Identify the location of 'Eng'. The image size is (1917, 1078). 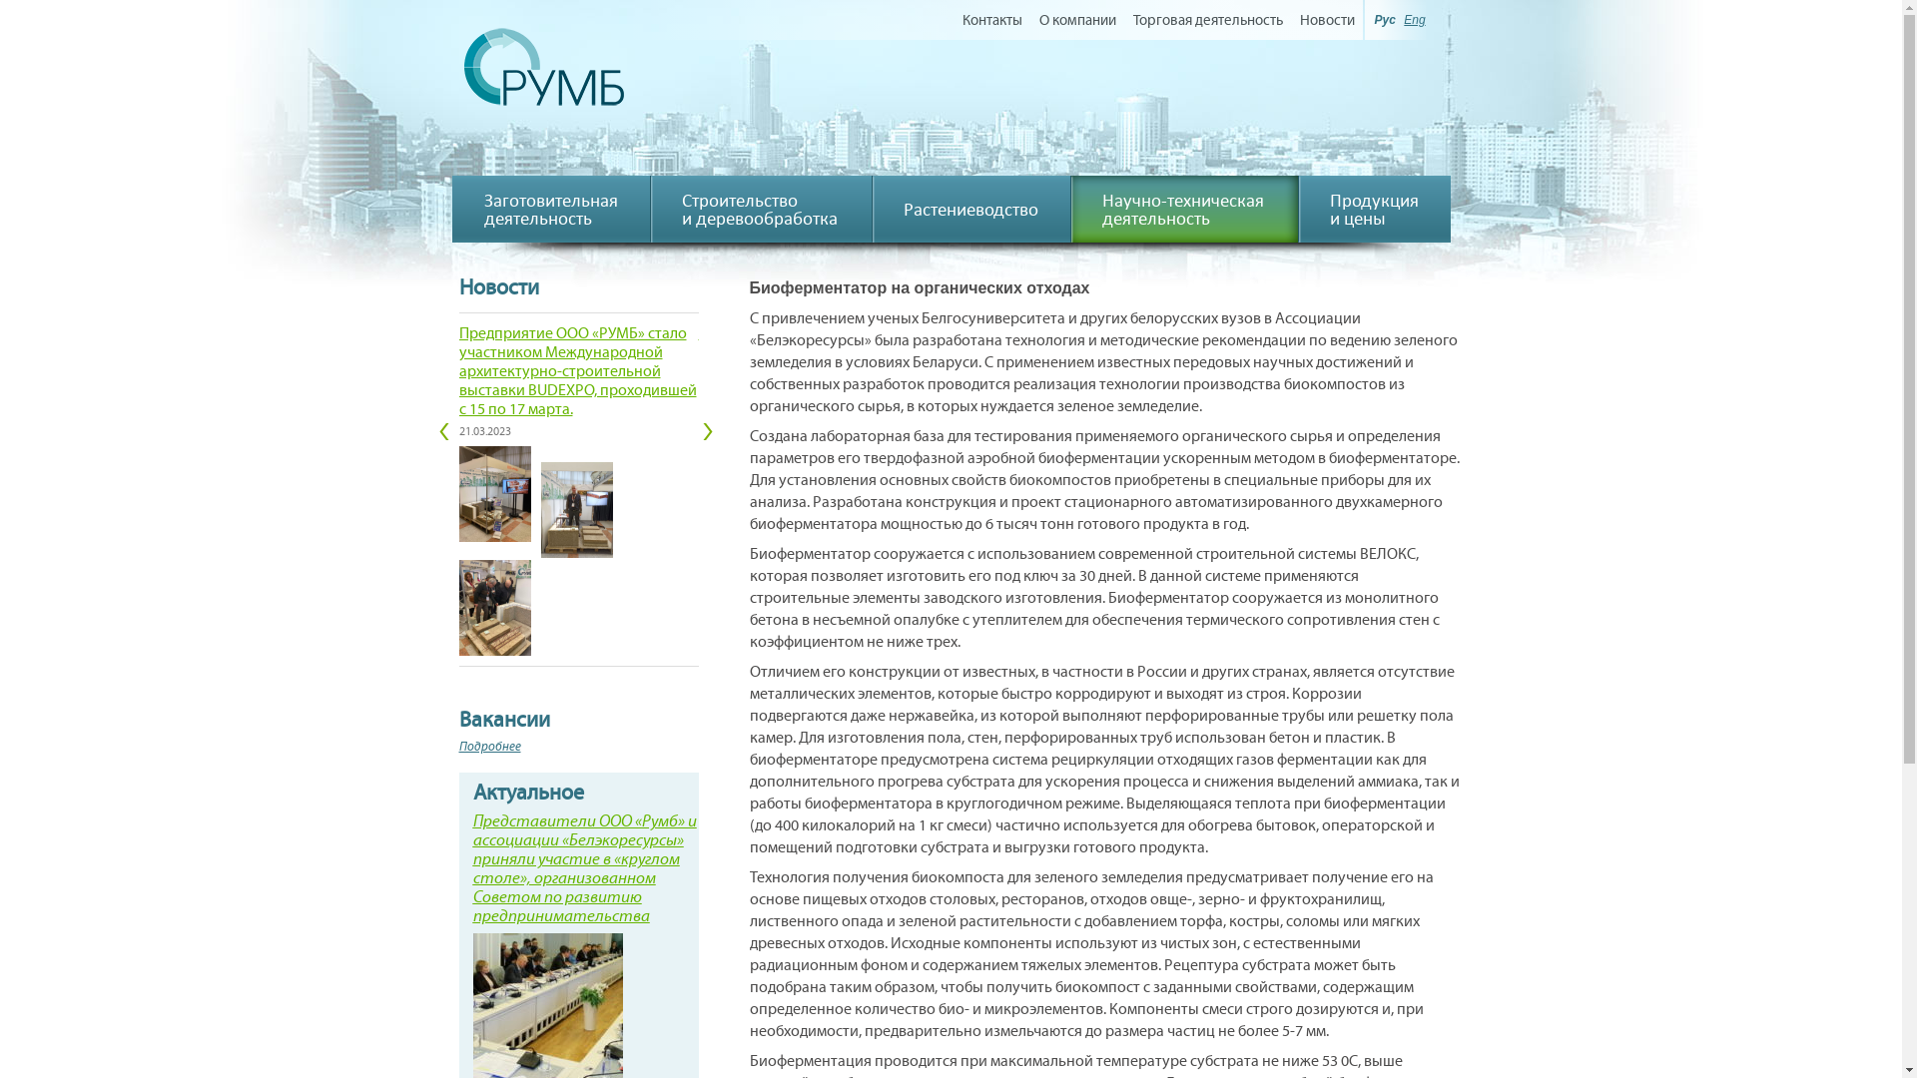
(1413, 19).